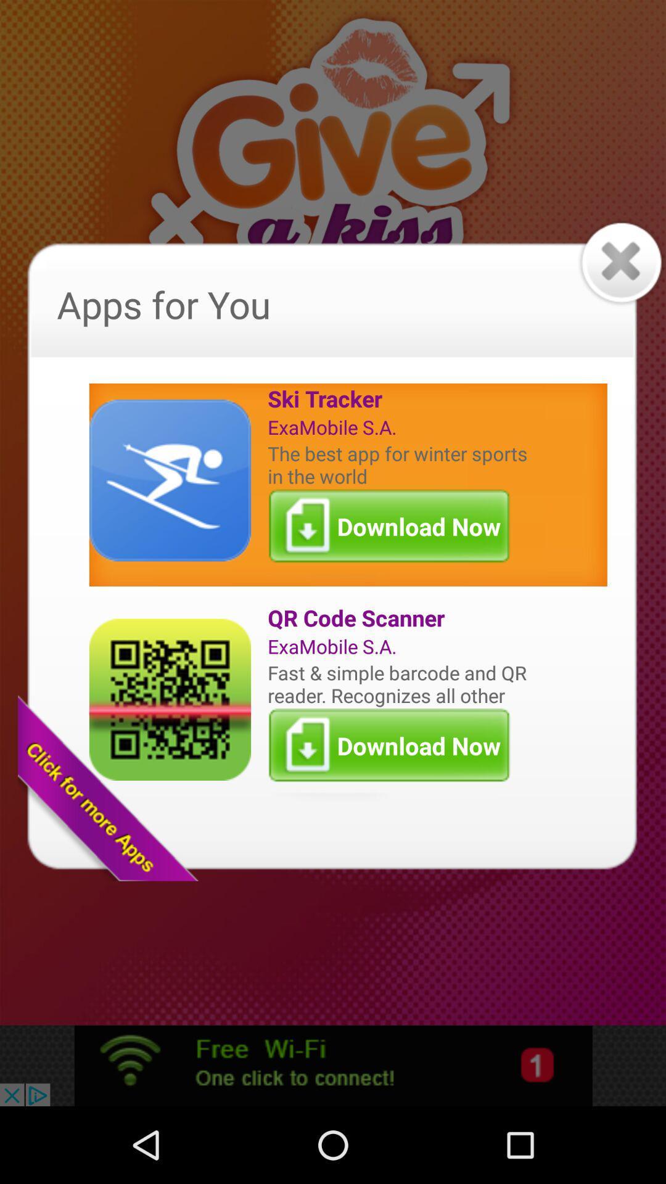  What do you see at coordinates (400, 398) in the screenshot?
I see `the item below apps for you item` at bounding box center [400, 398].